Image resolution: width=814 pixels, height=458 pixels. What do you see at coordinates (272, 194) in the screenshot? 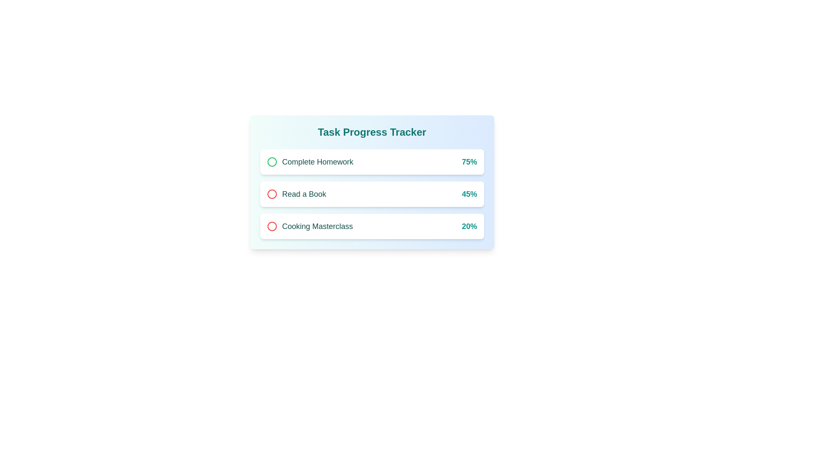
I see `the status indicator icon for the 'Read a Book' task located next to the text 'Read a Book' in the icon area of the second item in a vertical list` at bounding box center [272, 194].